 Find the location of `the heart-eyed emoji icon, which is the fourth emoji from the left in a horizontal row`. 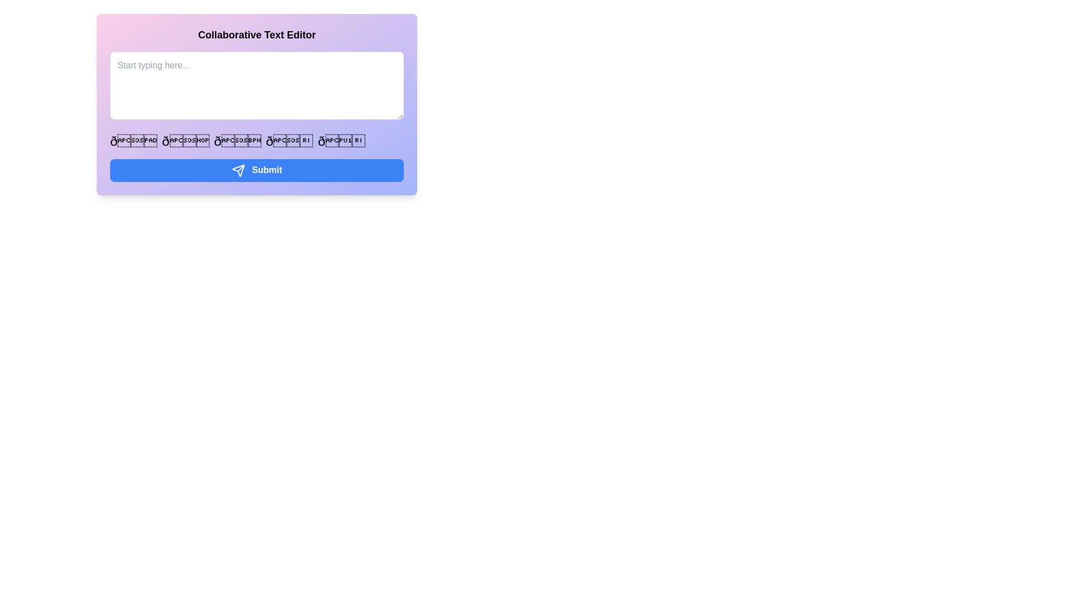

the heart-eyed emoji icon, which is the fourth emoji from the left in a horizontal row is located at coordinates (289, 141).